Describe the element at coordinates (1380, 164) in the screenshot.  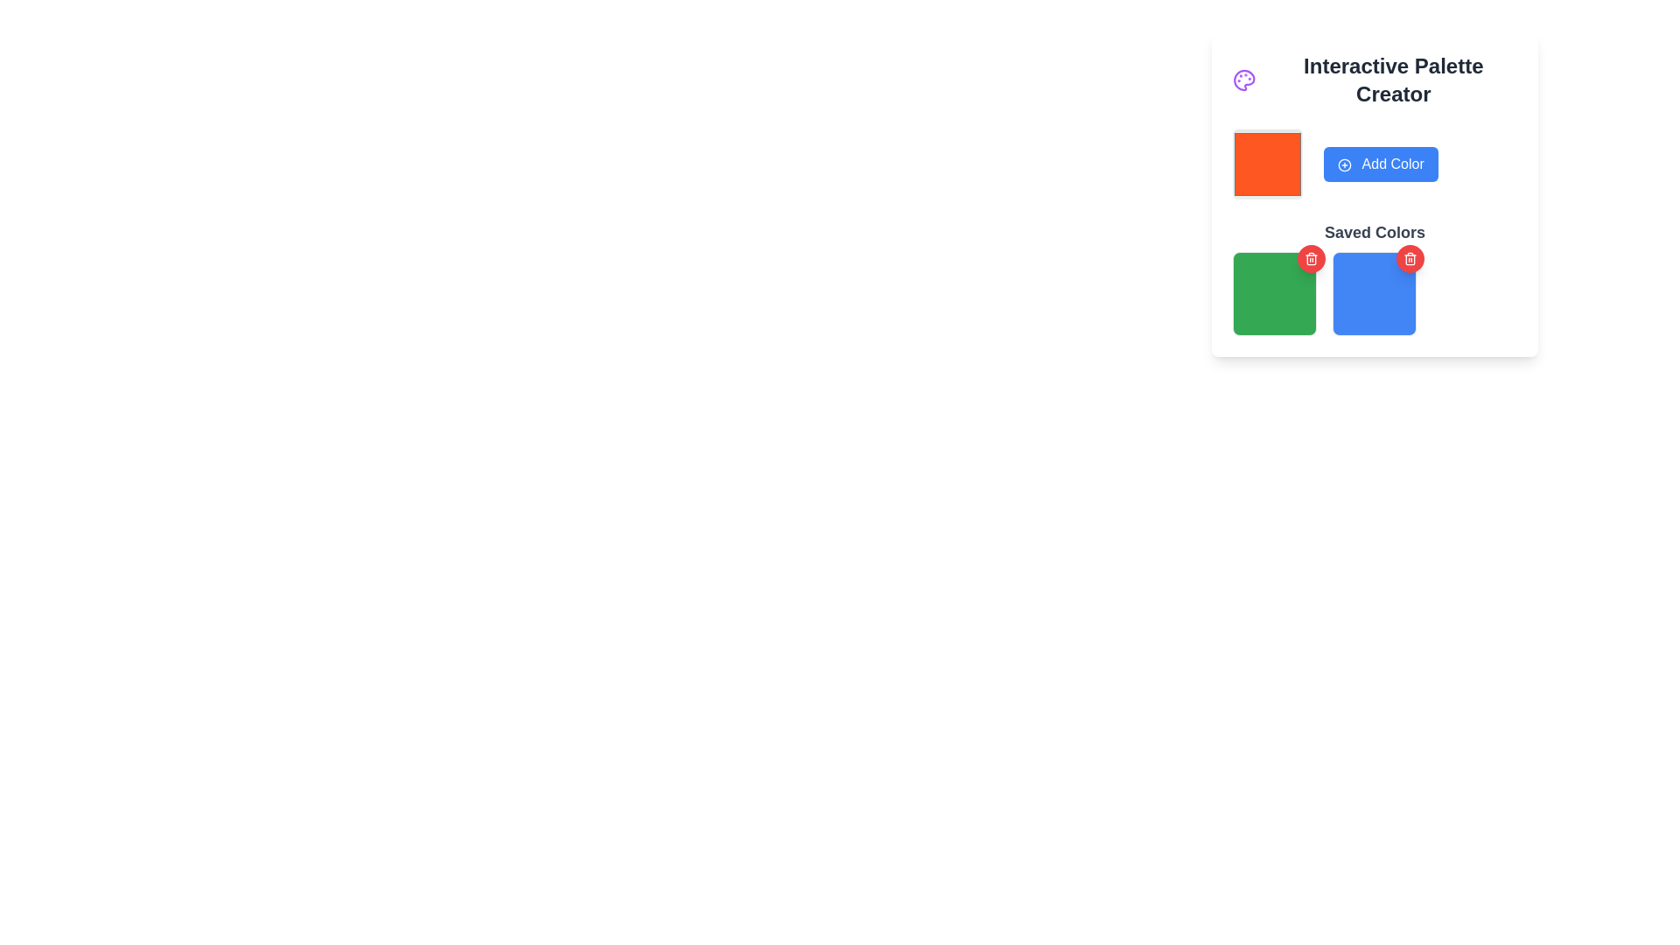
I see `the blue 'Add Color' button with bold white text and a plus-circle icon` at that location.